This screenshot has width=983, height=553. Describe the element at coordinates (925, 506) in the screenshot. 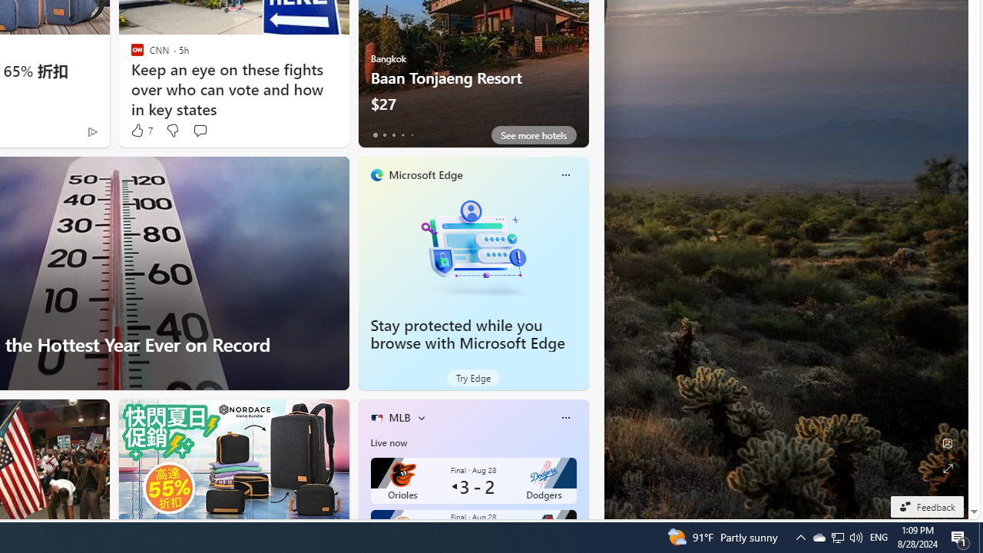

I see `'Feedback'` at that location.